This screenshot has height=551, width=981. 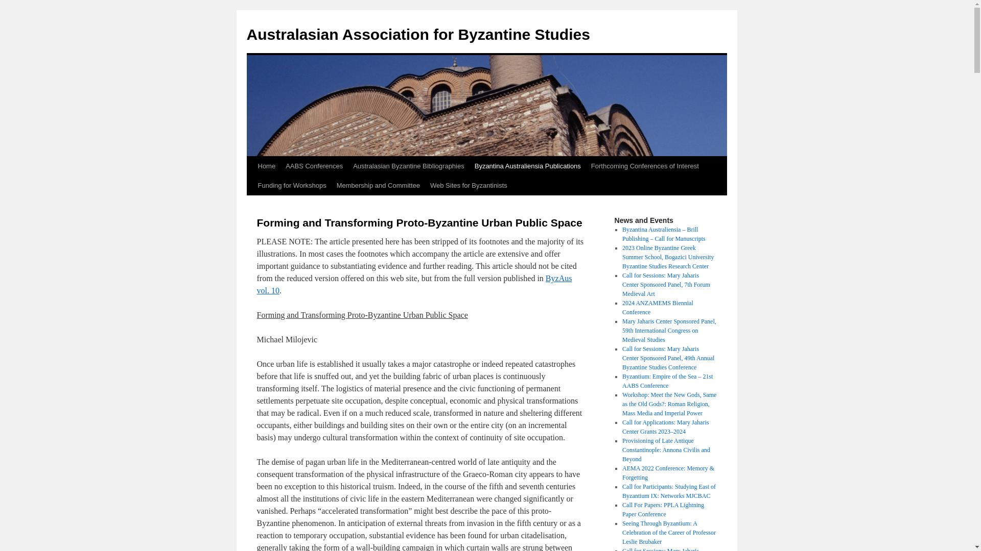 What do you see at coordinates (644, 166) in the screenshot?
I see `'Forthcoming Conferences of Interest'` at bounding box center [644, 166].